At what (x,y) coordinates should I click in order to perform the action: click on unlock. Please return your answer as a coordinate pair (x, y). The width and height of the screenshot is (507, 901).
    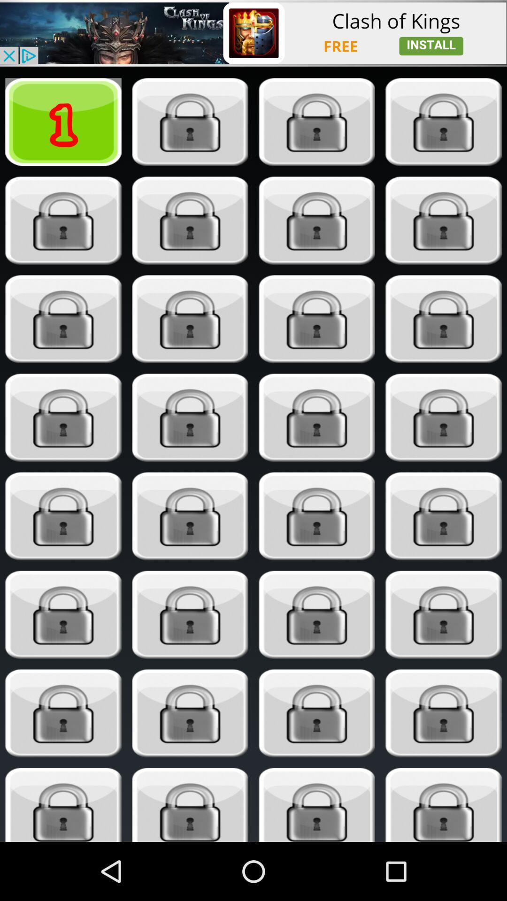
    Looking at the image, I should click on (317, 804).